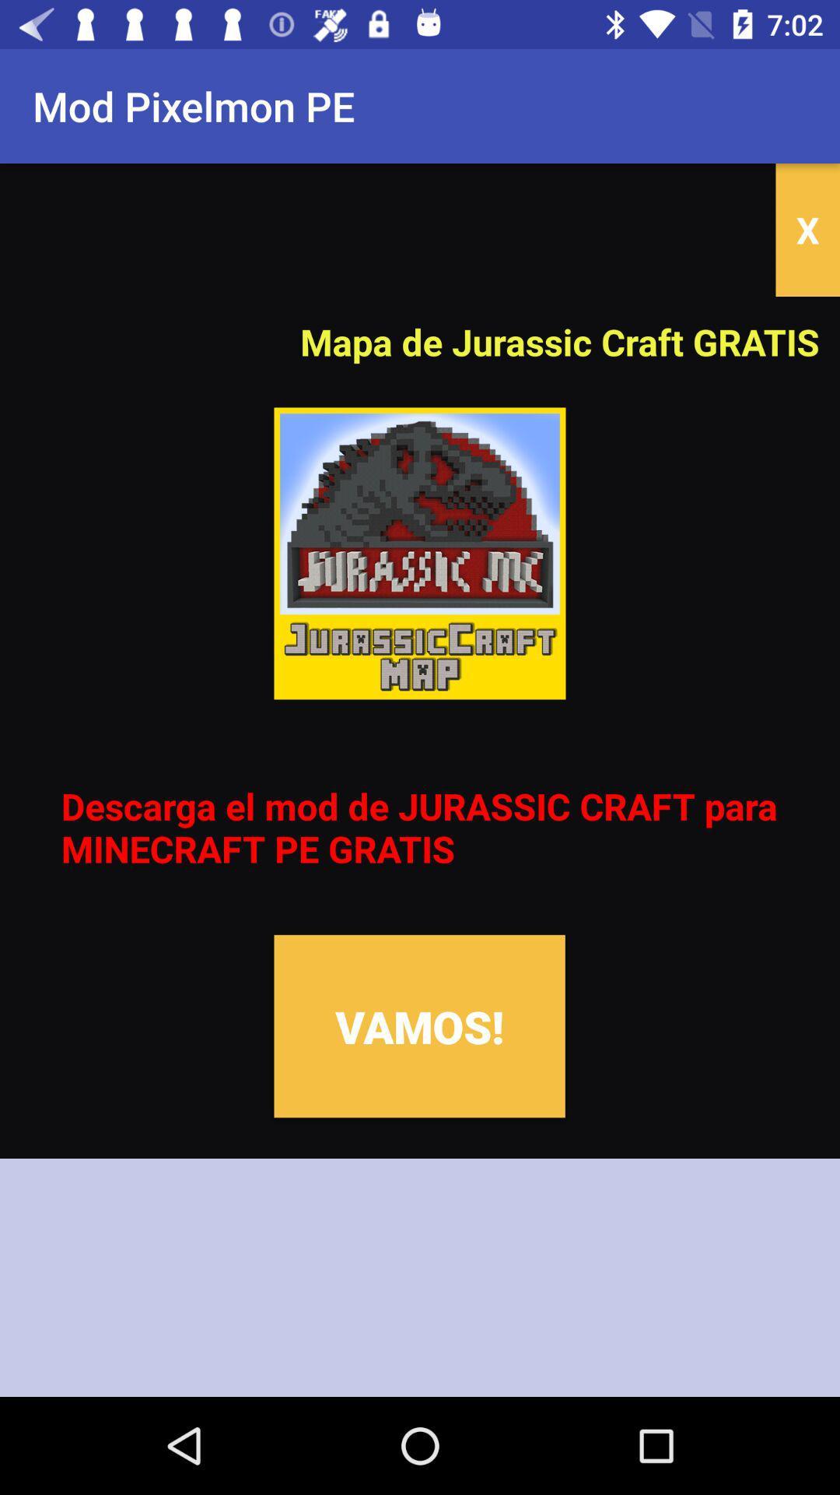  I want to click on vamos!, so click(418, 1026).